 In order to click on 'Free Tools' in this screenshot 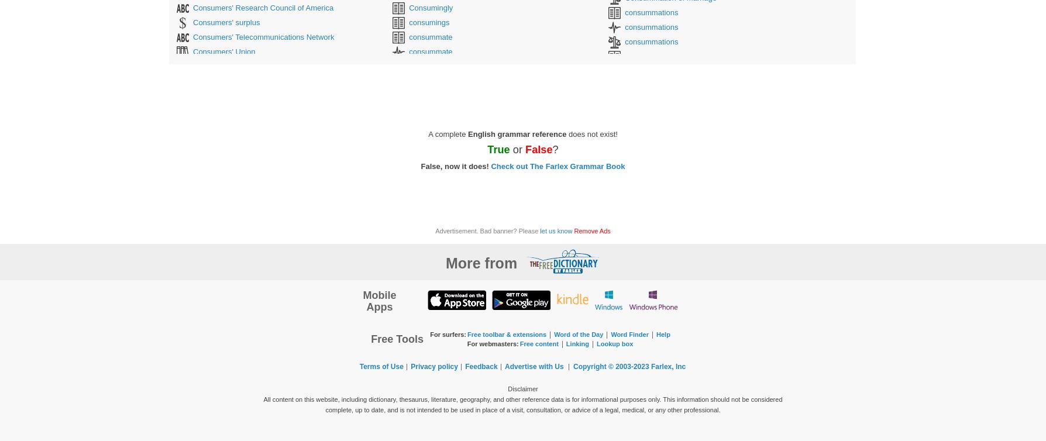, I will do `click(371, 338)`.